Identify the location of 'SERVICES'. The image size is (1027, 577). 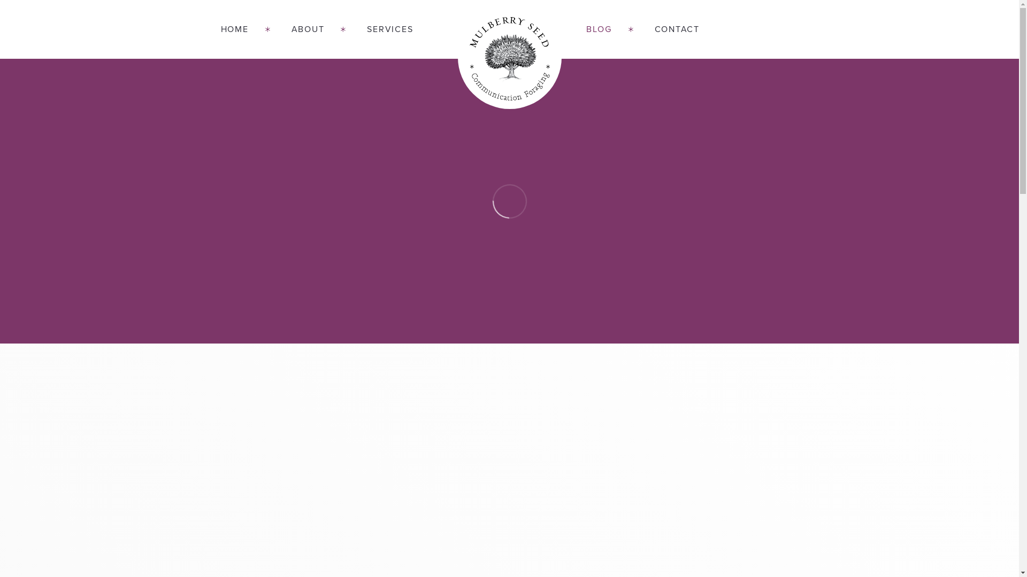
(379, 28).